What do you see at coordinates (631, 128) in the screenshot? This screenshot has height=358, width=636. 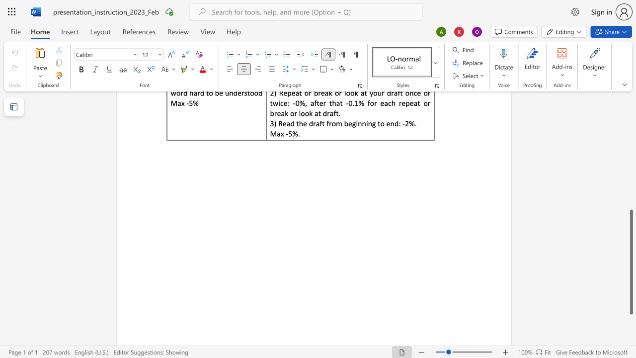 I see `the scrollbar on the side` at bounding box center [631, 128].